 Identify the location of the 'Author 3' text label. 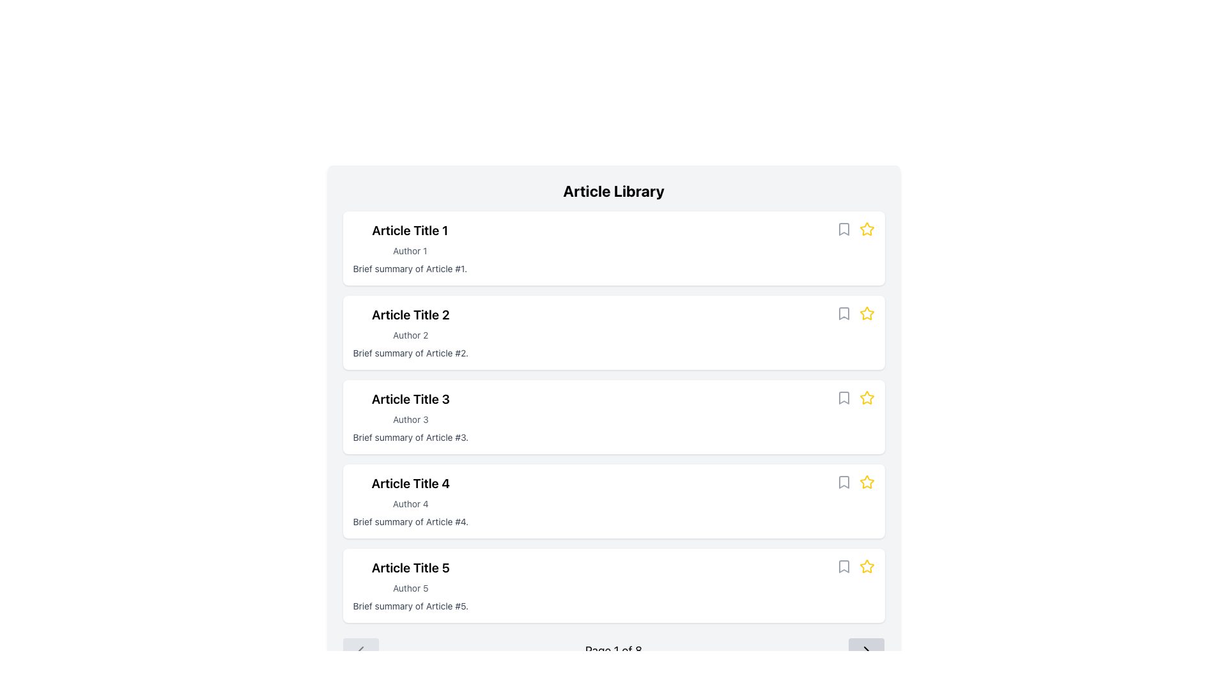
(410, 419).